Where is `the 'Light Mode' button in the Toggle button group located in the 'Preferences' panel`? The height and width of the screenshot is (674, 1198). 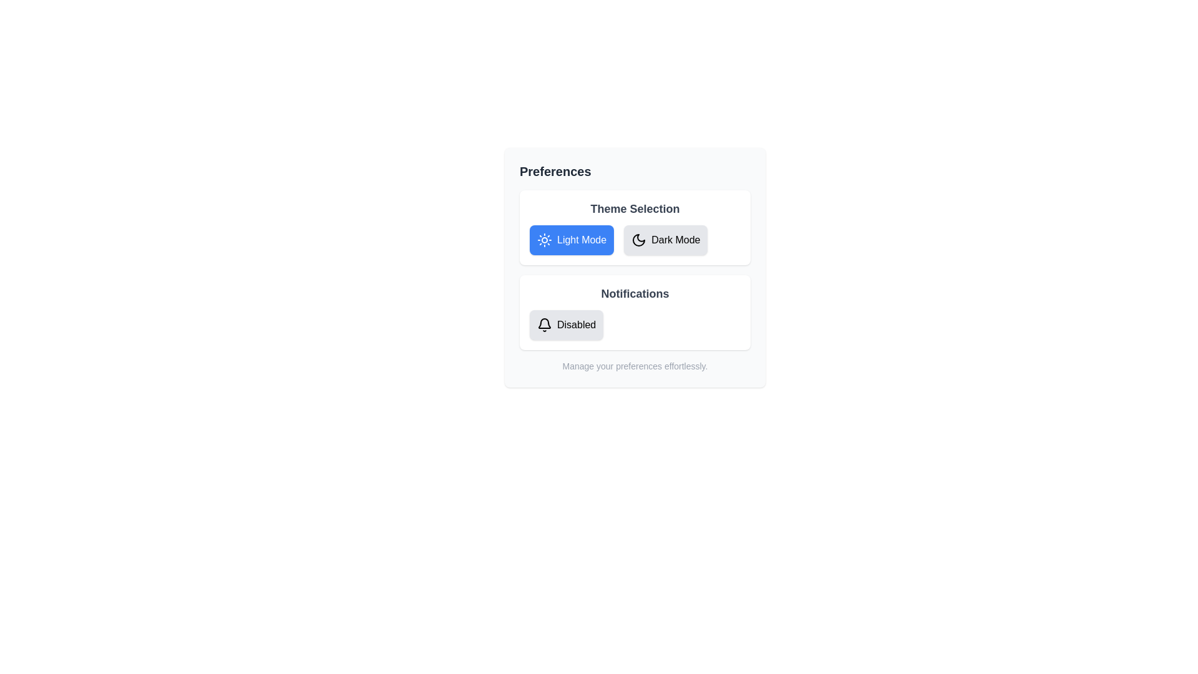 the 'Light Mode' button in the Toggle button group located in the 'Preferences' panel is located at coordinates (635, 240).